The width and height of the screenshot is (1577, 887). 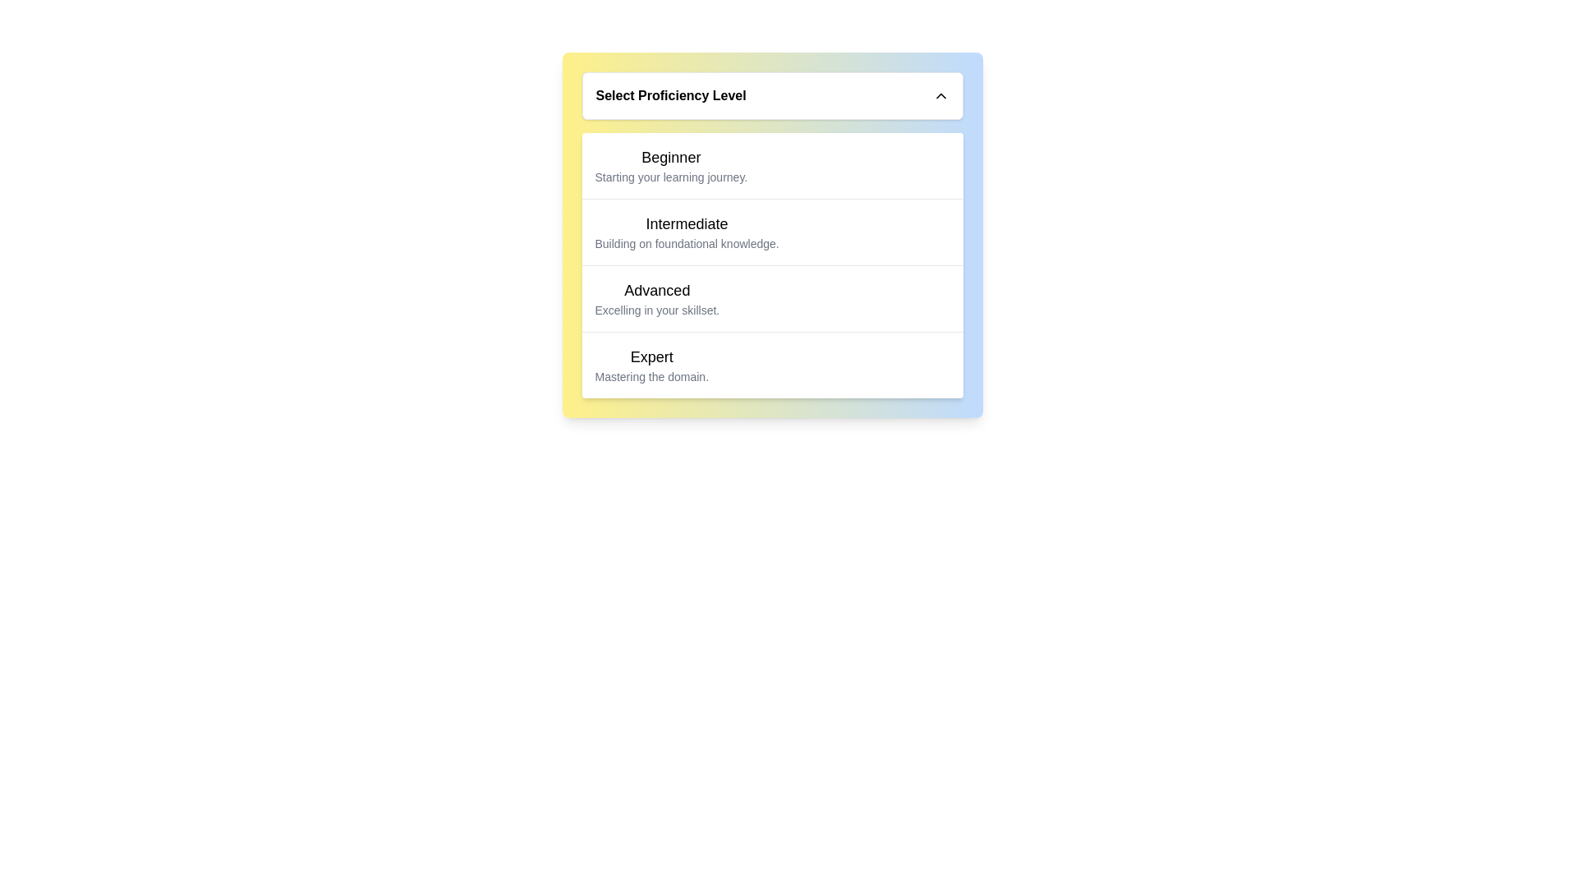 I want to click on the list item labeled 'Advanced' to confirm the selection, so click(x=771, y=298).